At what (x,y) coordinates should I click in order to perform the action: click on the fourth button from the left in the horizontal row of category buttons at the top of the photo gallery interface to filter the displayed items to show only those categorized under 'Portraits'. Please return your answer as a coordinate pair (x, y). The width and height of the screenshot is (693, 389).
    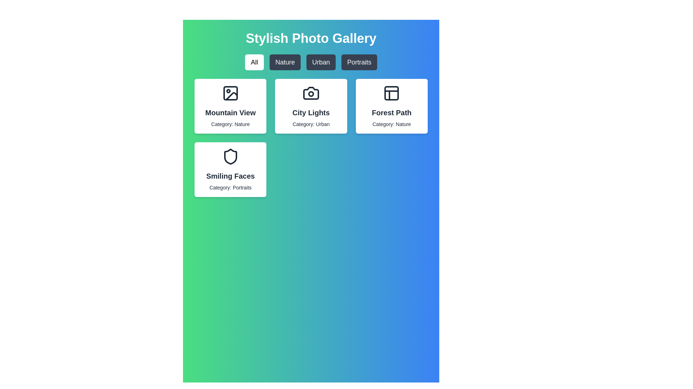
    Looking at the image, I should click on (359, 62).